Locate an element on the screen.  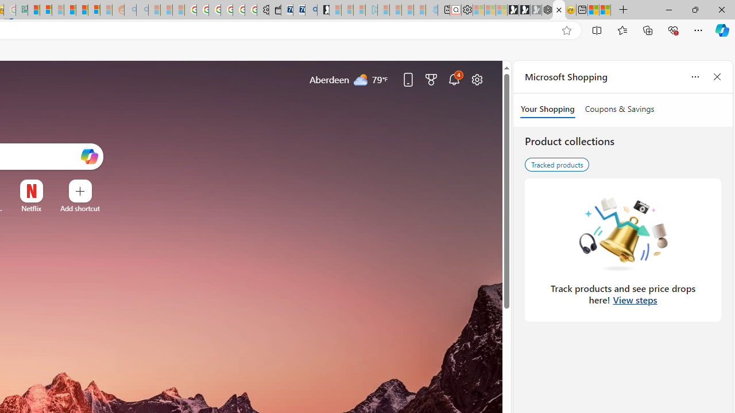
'Expert Portfolios' is located at coordinates (69, 10).